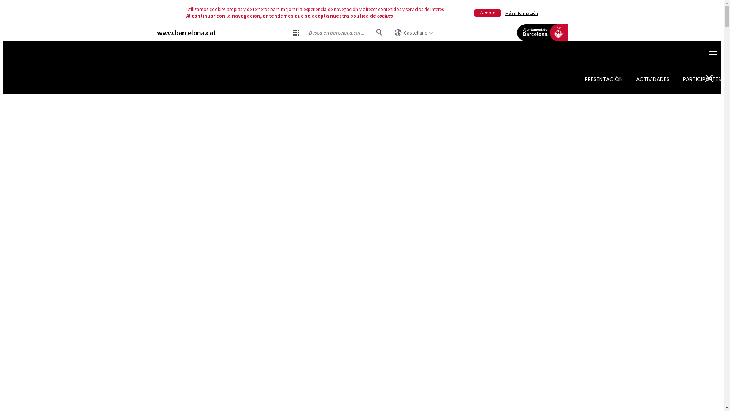 This screenshot has width=730, height=411. I want to click on 'cookies', so click(385, 16).